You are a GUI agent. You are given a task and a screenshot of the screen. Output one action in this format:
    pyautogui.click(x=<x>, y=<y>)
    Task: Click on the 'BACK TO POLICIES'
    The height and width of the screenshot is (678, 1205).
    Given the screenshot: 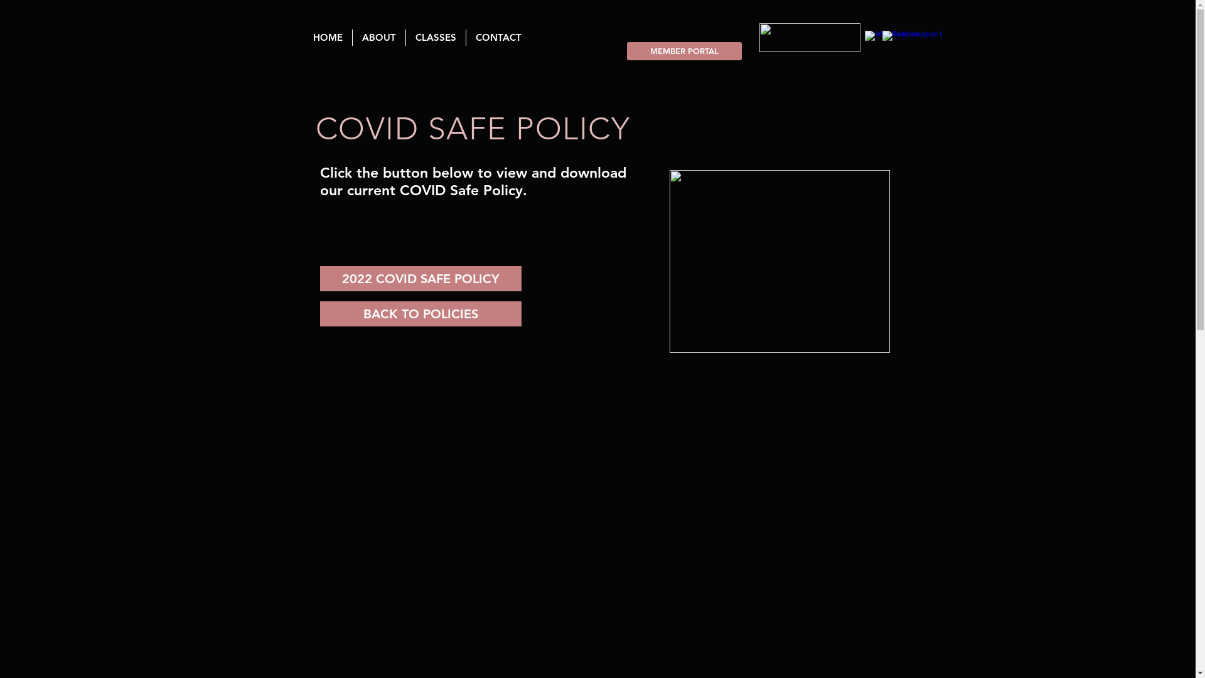 What is the action you would take?
    pyautogui.click(x=420, y=313)
    